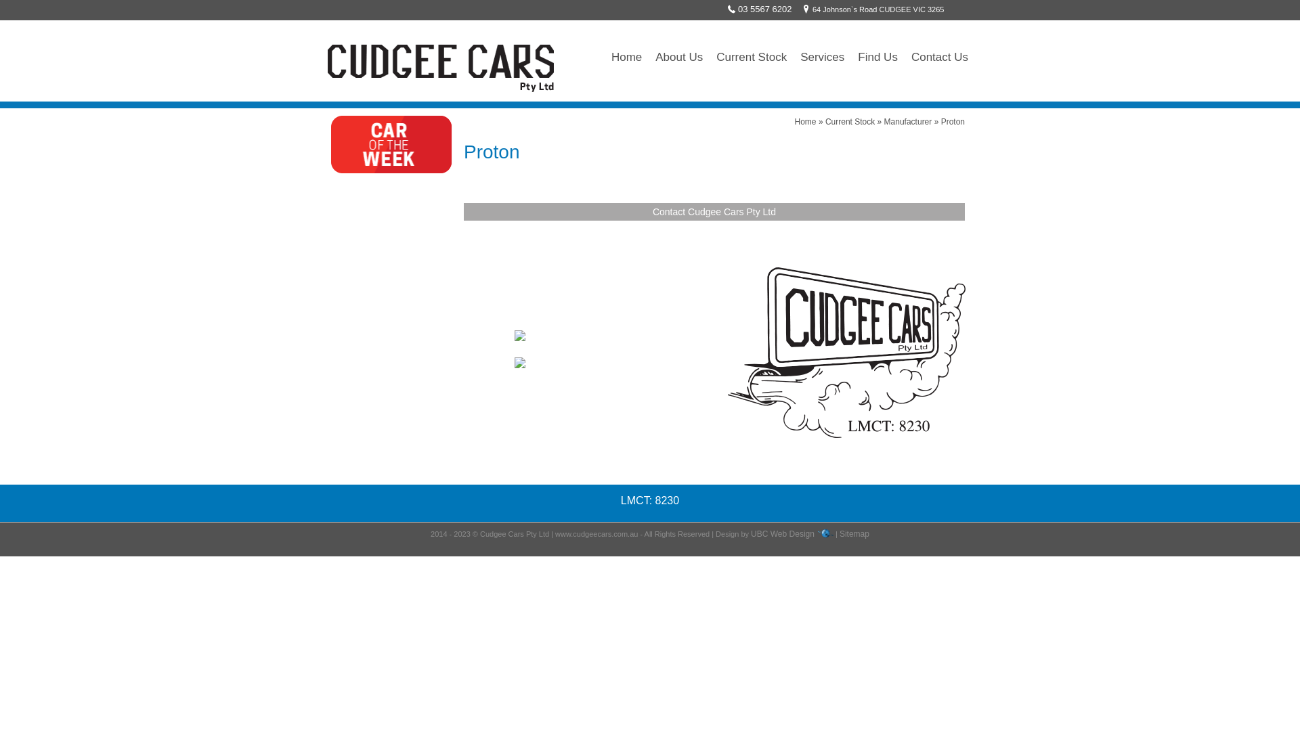 This screenshot has width=1300, height=731. What do you see at coordinates (806, 122) in the screenshot?
I see `'Home'` at bounding box center [806, 122].